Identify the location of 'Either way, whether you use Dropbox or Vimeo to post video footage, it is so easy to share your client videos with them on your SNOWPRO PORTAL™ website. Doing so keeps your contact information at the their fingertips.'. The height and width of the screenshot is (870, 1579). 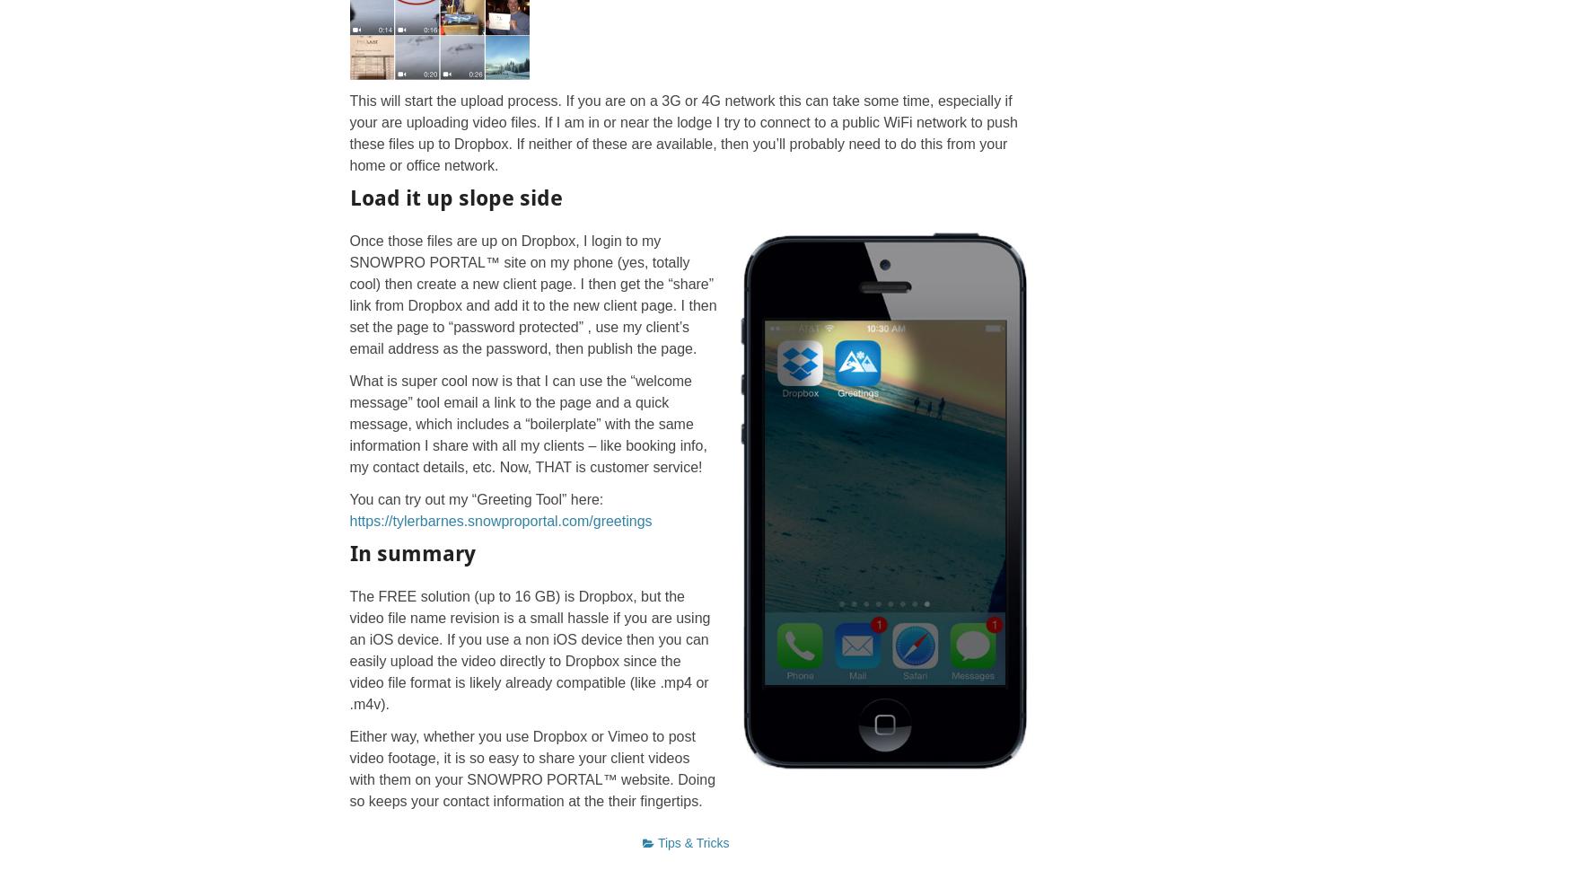
(531, 767).